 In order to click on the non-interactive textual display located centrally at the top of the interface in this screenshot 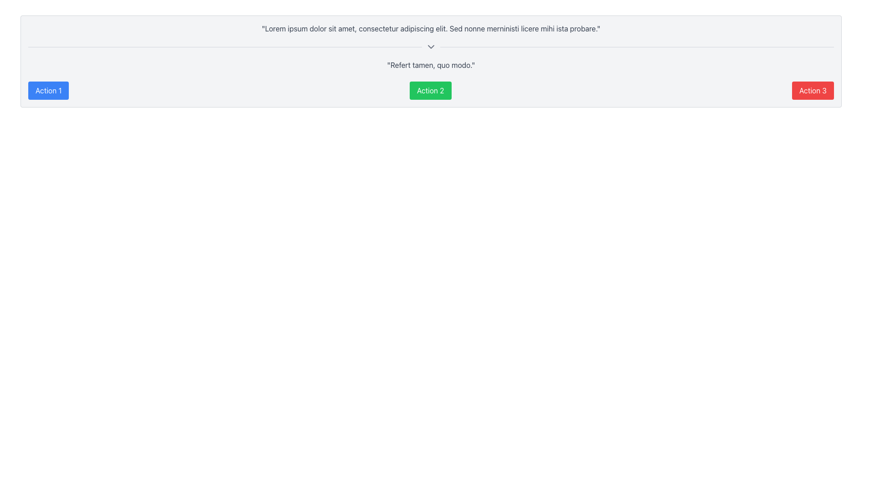, I will do `click(430, 28)`.